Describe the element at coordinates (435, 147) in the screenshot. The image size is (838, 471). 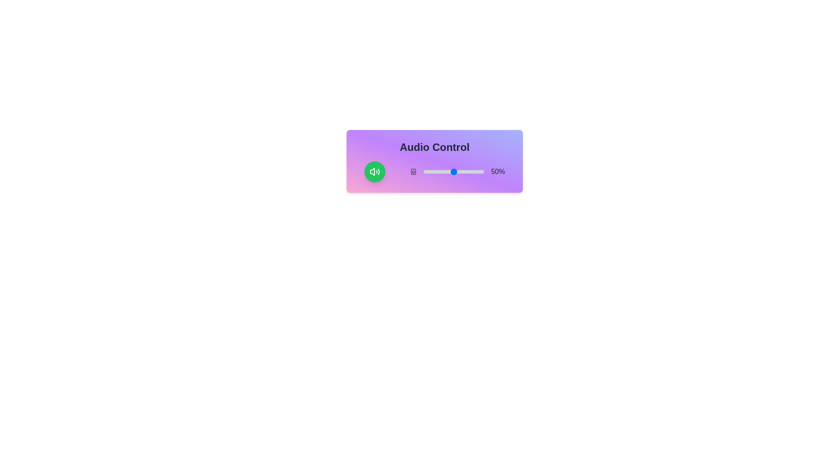
I see `the title text 'Audio Control' displayed in the component` at that location.